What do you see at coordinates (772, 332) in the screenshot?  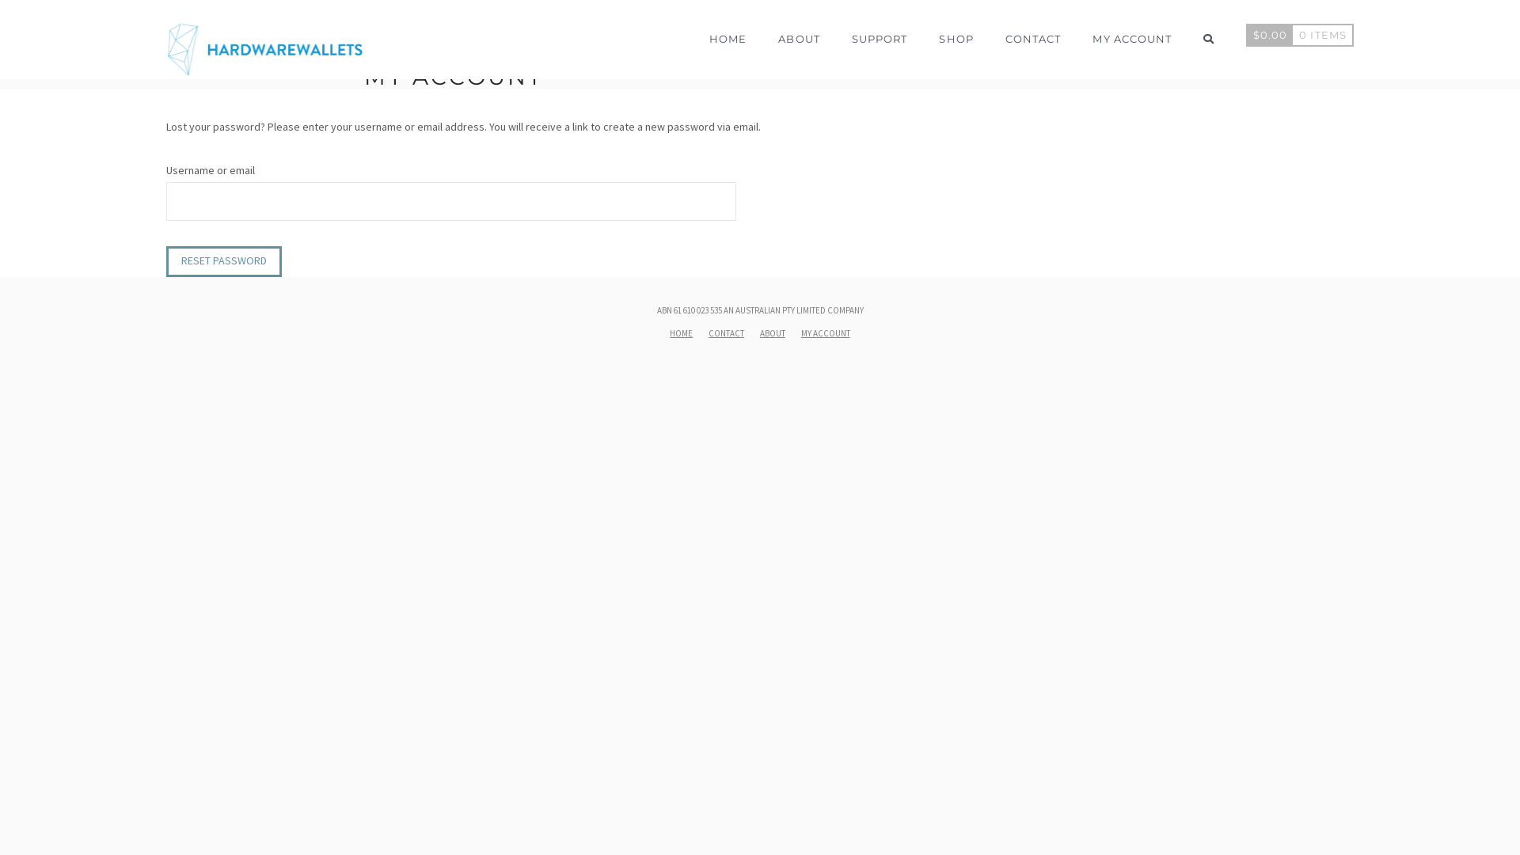 I see `'ABOUT'` at bounding box center [772, 332].